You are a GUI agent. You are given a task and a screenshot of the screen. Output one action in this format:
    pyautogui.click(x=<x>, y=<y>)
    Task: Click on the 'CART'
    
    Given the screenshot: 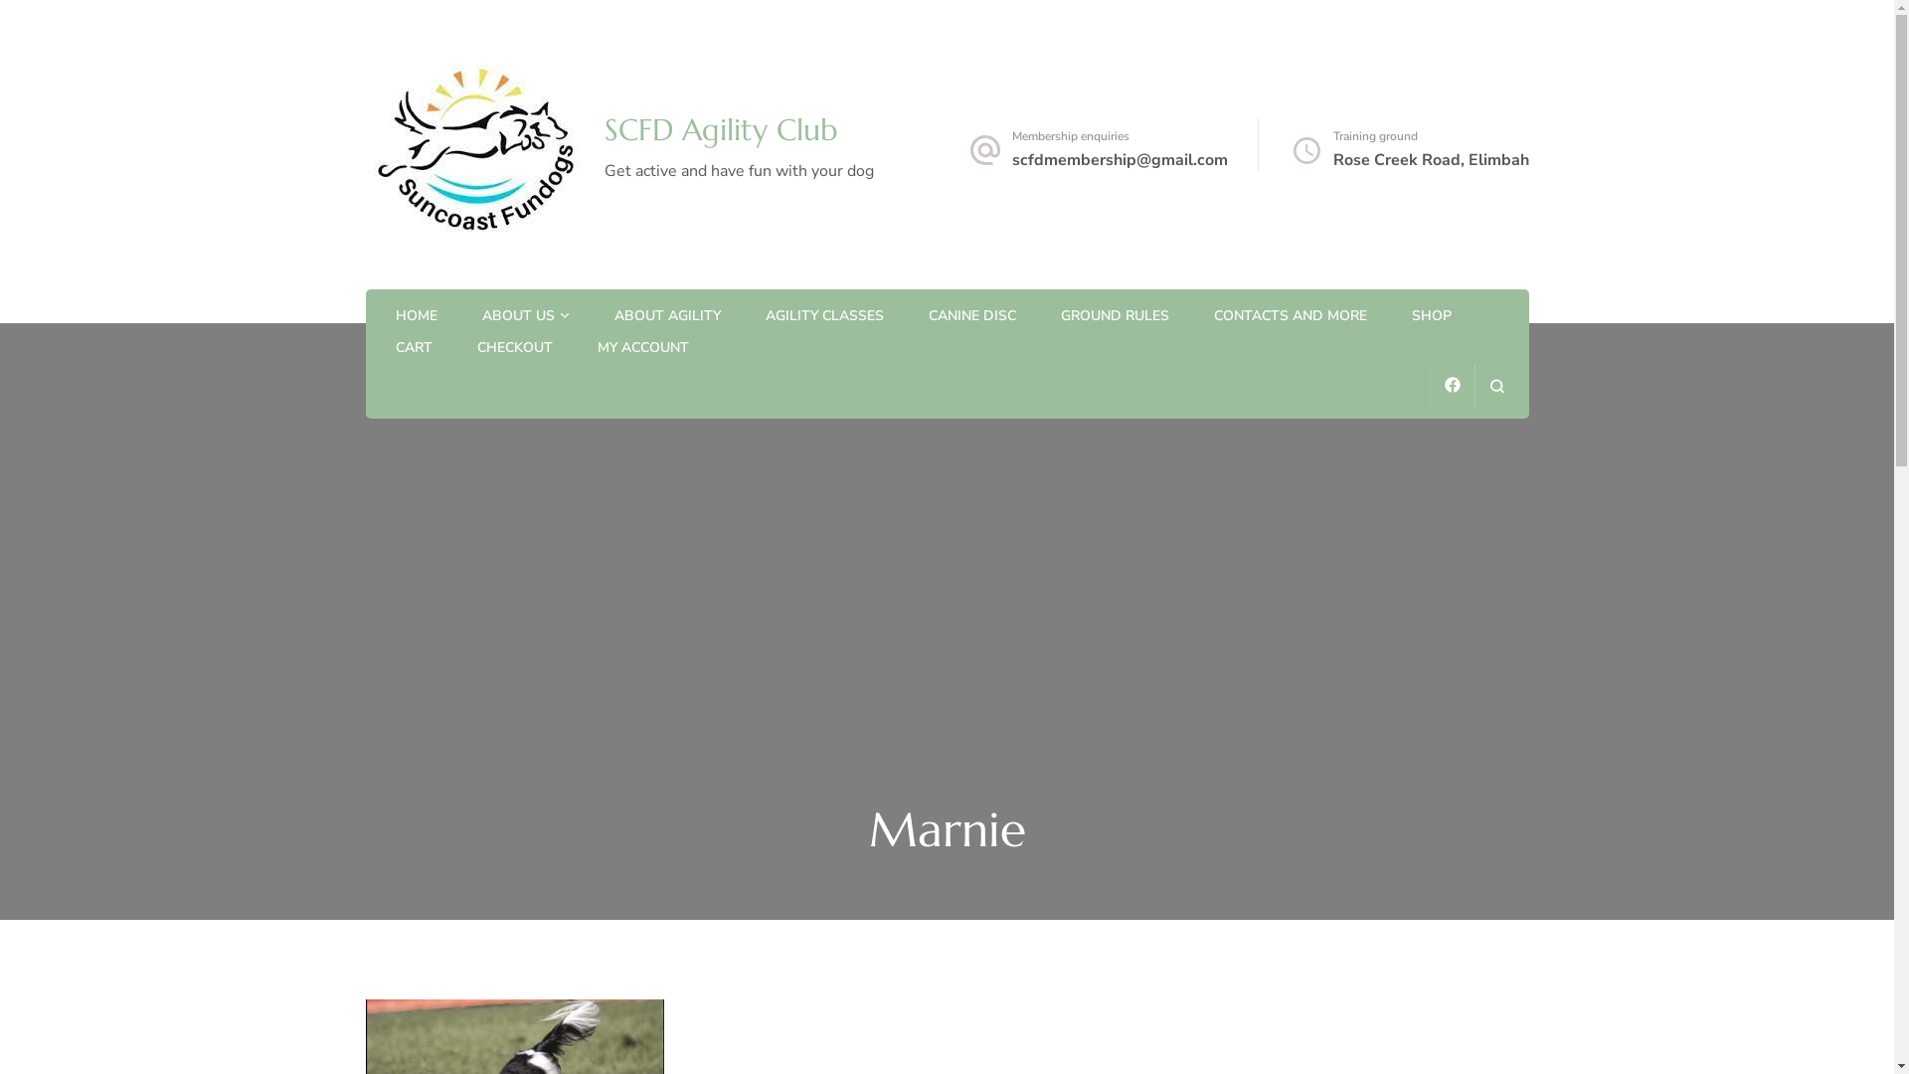 What is the action you would take?
    pyautogui.click(x=413, y=348)
    